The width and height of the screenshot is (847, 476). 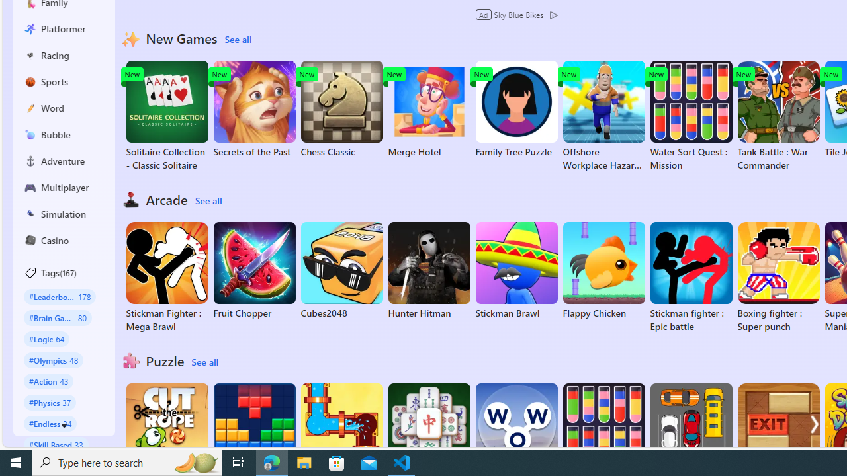 What do you see at coordinates (56, 444) in the screenshot?
I see `'#Skill Based 33'` at bounding box center [56, 444].